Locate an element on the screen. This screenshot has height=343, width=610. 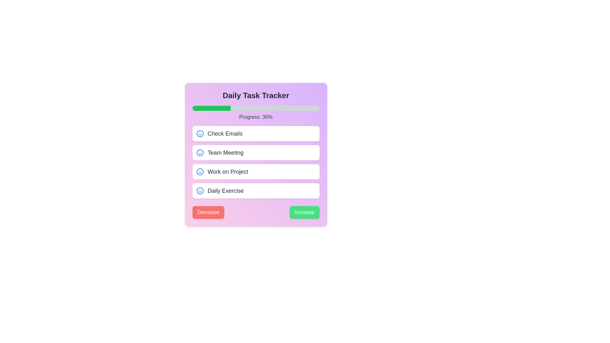
the 'Work on Project' button, which is a rectangular button with a white background and a blue smiley face icon is located at coordinates (256, 171).